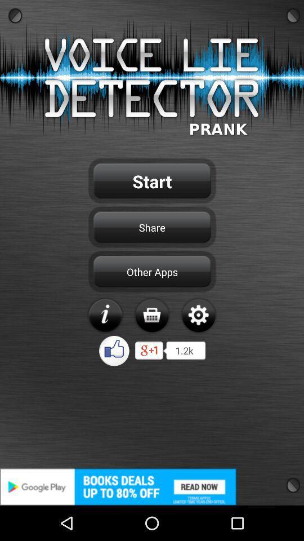  What do you see at coordinates (151, 315) in the screenshot?
I see `buy app` at bounding box center [151, 315].